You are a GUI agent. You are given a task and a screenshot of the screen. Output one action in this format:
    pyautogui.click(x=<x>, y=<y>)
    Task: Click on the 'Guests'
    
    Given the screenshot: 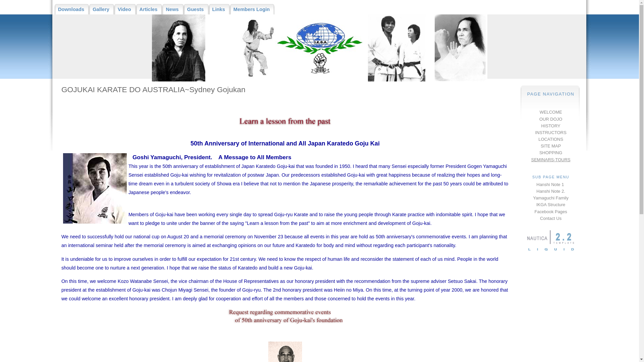 What is the action you would take?
    pyautogui.click(x=196, y=9)
    